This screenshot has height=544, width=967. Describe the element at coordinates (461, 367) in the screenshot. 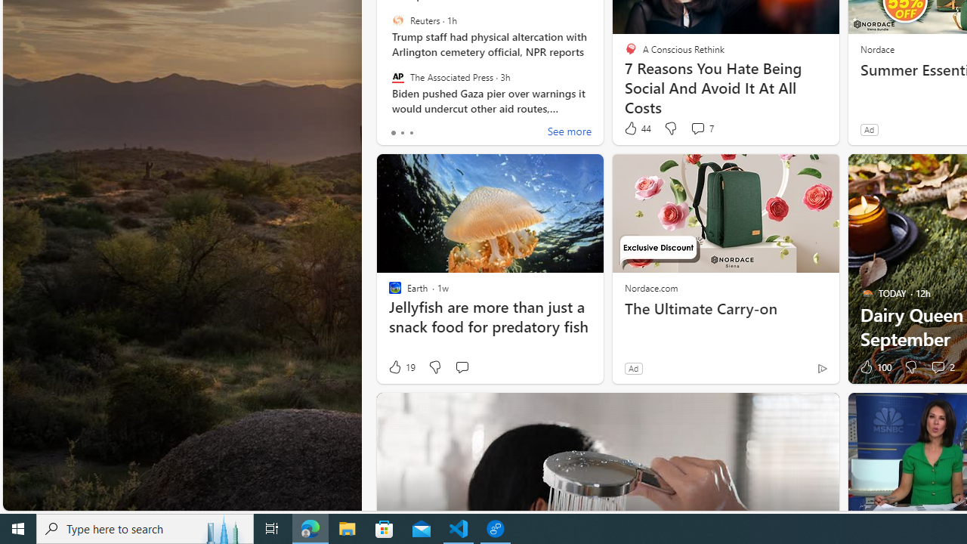

I see `'Start the conversation'` at that location.